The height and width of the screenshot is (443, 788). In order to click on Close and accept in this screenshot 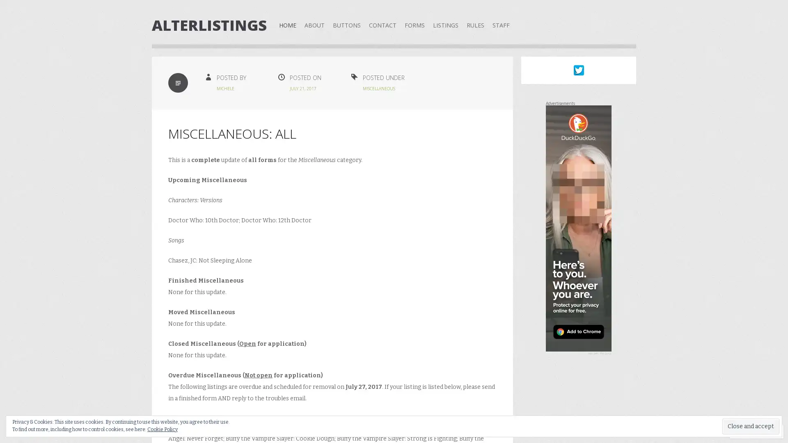, I will do `click(751, 426)`.